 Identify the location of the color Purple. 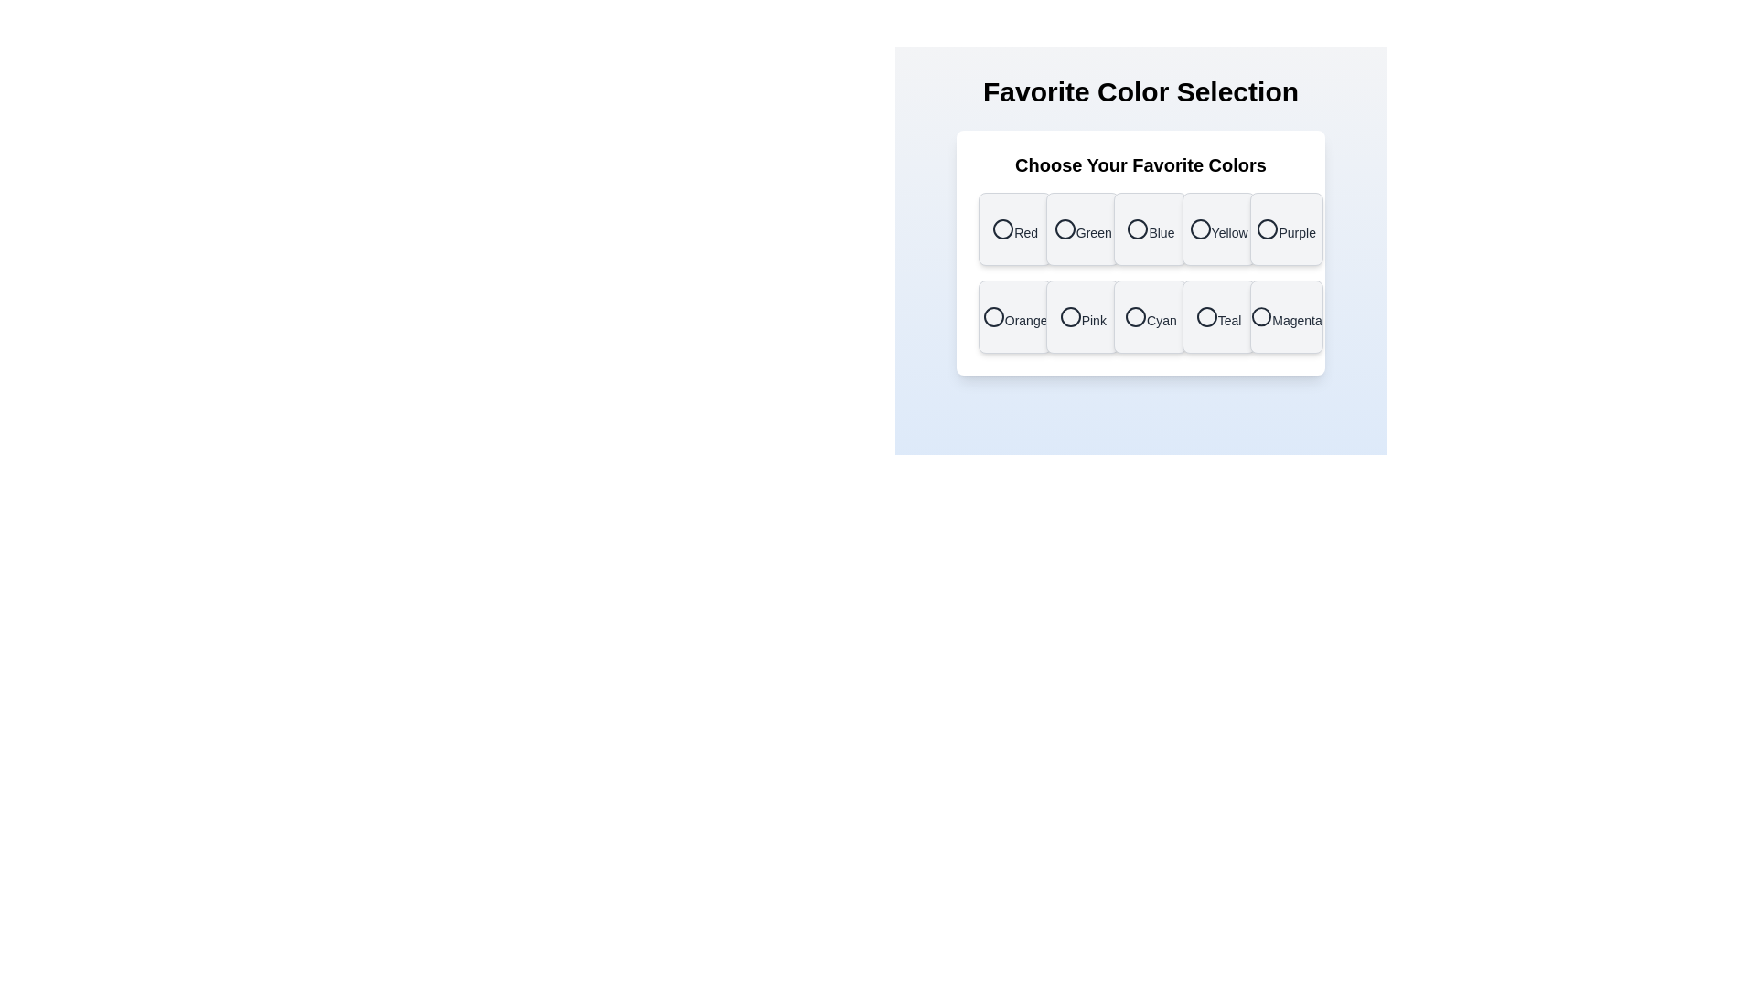
(1285, 228).